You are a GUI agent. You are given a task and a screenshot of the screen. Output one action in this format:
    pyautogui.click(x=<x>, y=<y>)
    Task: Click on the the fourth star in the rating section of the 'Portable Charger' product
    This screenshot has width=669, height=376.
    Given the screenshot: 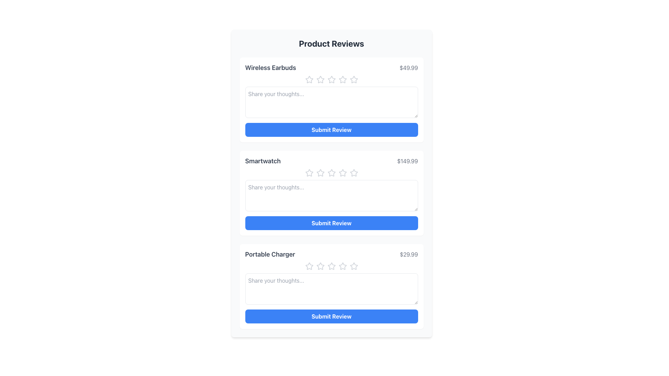 What is the action you would take?
    pyautogui.click(x=343, y=266)
    